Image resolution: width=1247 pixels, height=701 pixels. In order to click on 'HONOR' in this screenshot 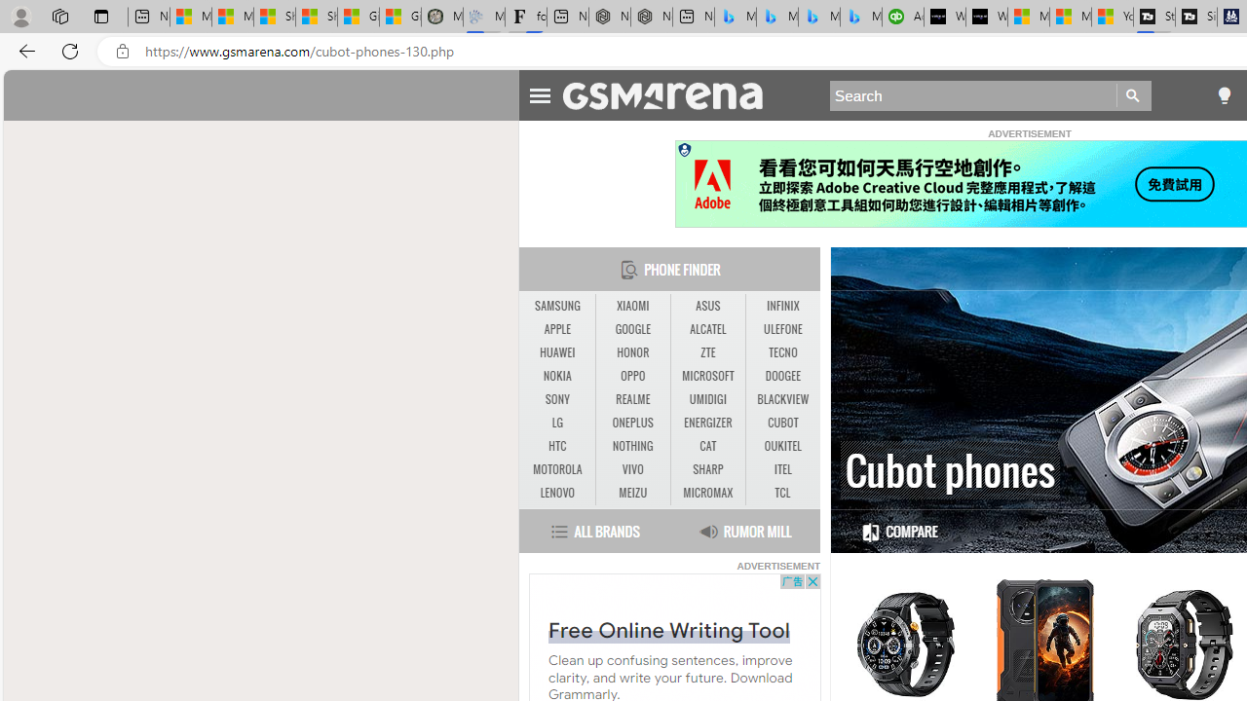, I will do `click(633, 352)`.